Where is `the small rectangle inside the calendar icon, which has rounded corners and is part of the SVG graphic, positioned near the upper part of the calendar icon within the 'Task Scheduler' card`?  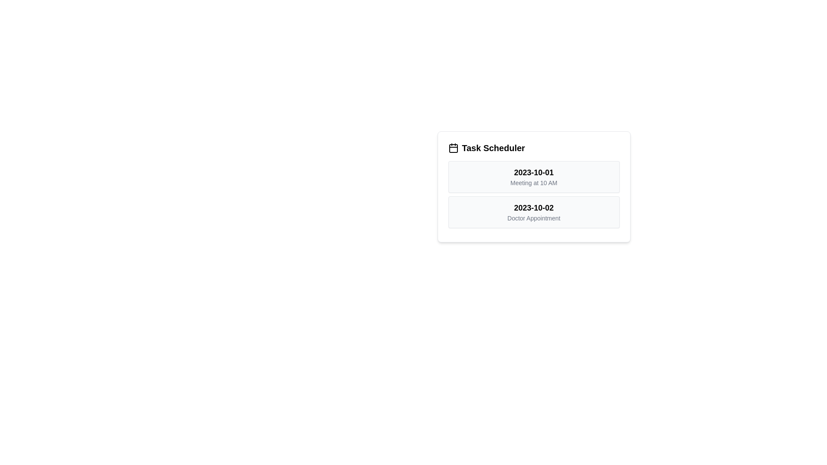 the small rectangle inside the calendar icon, which has rounded corners and is part of the SVG graphic, positioned near the upper part of the calendar icon within the 'Task Scheduler' card is located at coordinates (453, 148).